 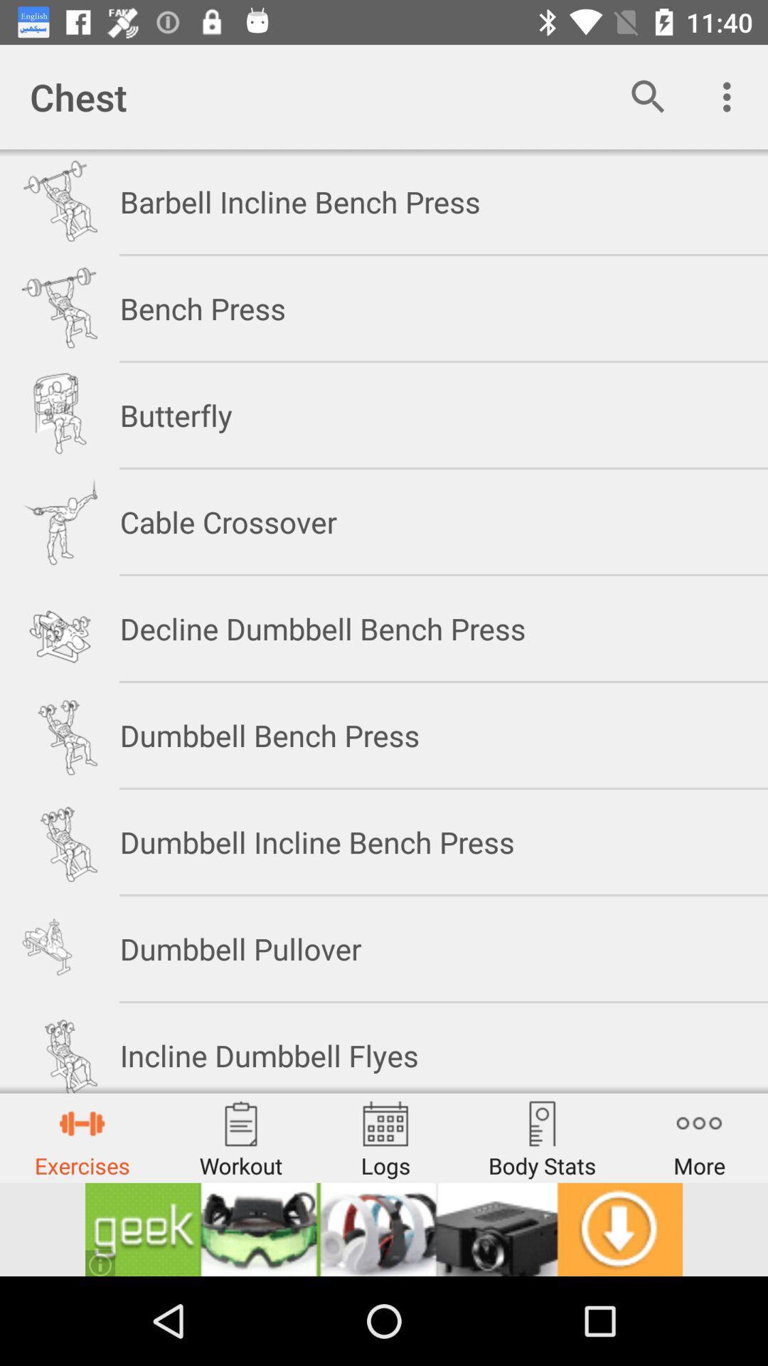 What do you see at coordinates (384, 1229) in the screenshot?
I see `advertisent page` at bounding box center [384, 1229].